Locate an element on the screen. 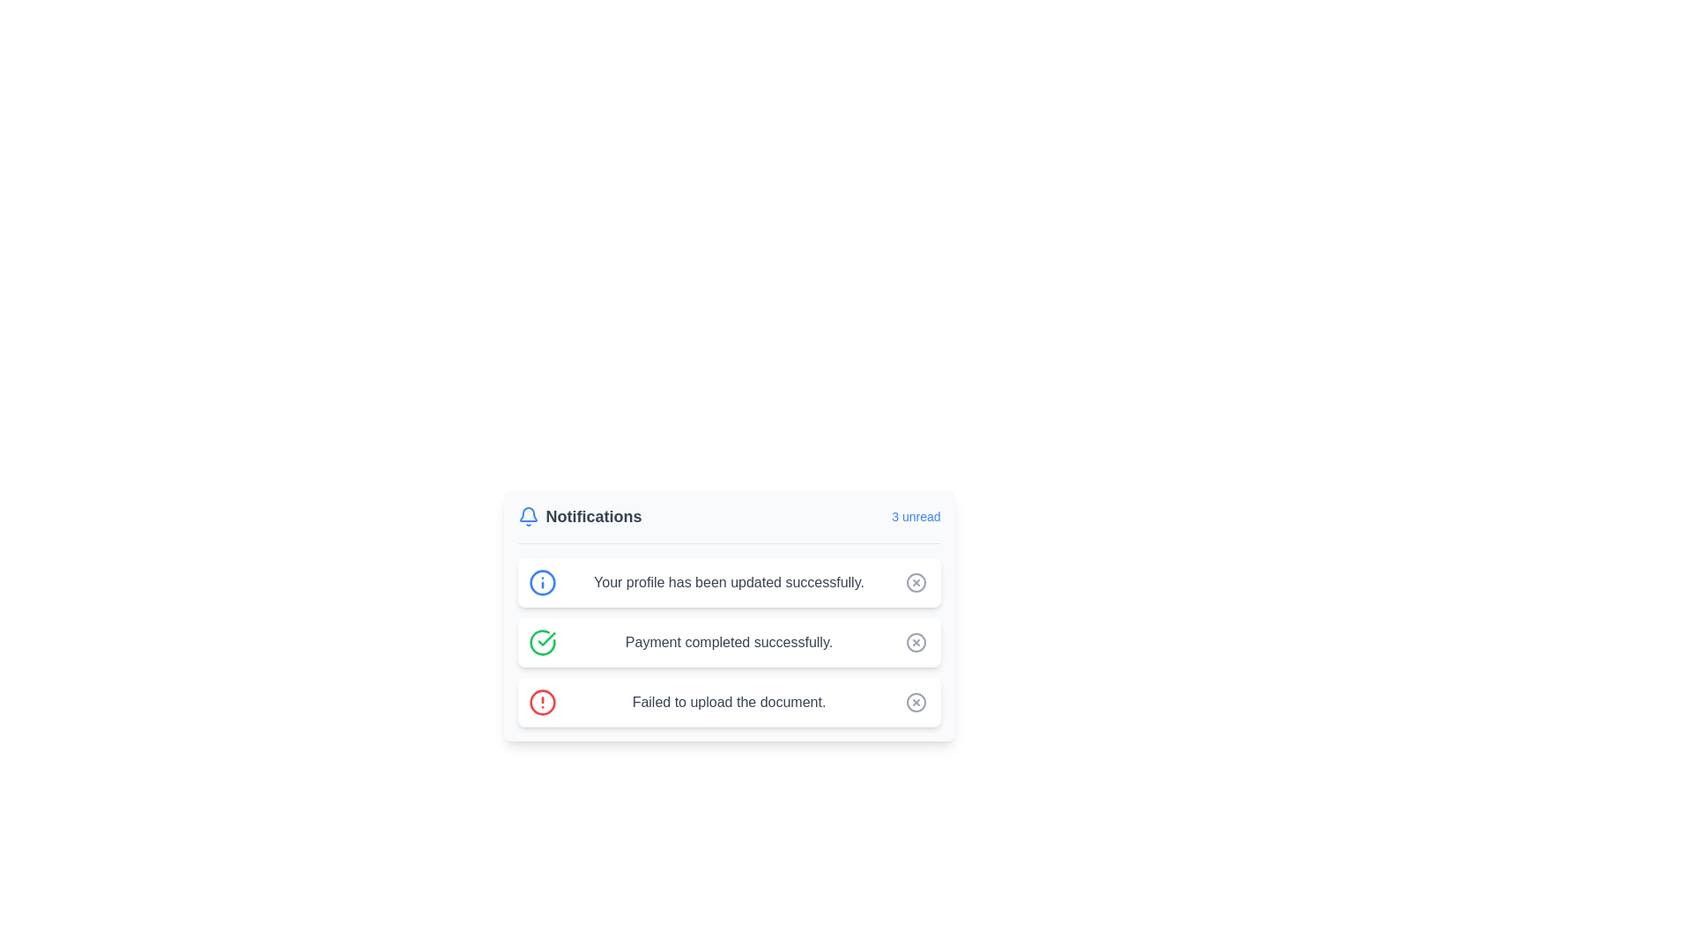 The width and height of the screenshot is (1692, 951). the blue bell icon indicating notifications, positioned to the left of the 'Notifications' text label is located at coordinates (527, 515).